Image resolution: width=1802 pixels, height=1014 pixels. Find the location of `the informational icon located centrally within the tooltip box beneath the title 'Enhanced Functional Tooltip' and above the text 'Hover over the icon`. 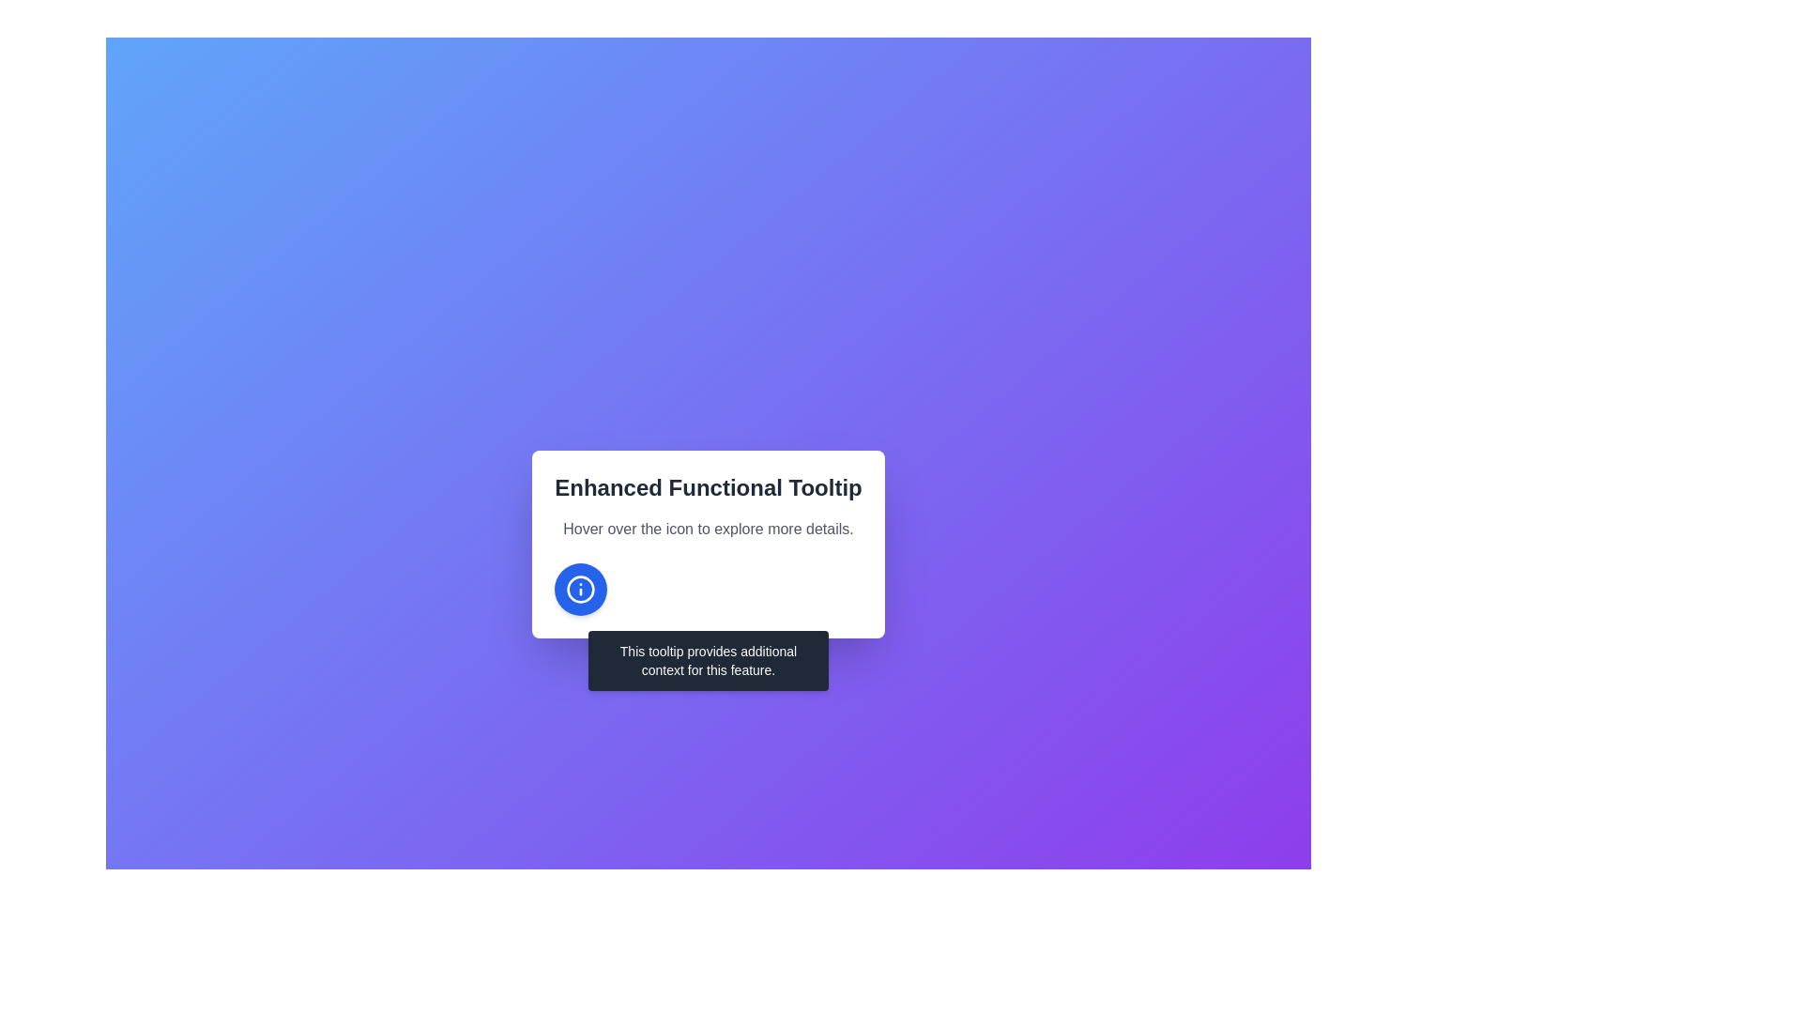

the informational icon located centrally within the tooltip box beneath the title 'Enhanced Functional Tooltip' and above the text 'Hover over the icon is located at coordinates (580, 589).